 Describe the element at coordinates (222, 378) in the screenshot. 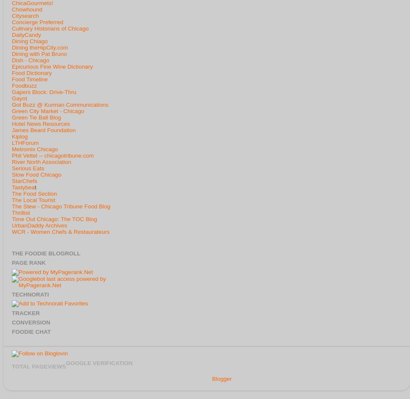

I see `'Blogger'` at that location.